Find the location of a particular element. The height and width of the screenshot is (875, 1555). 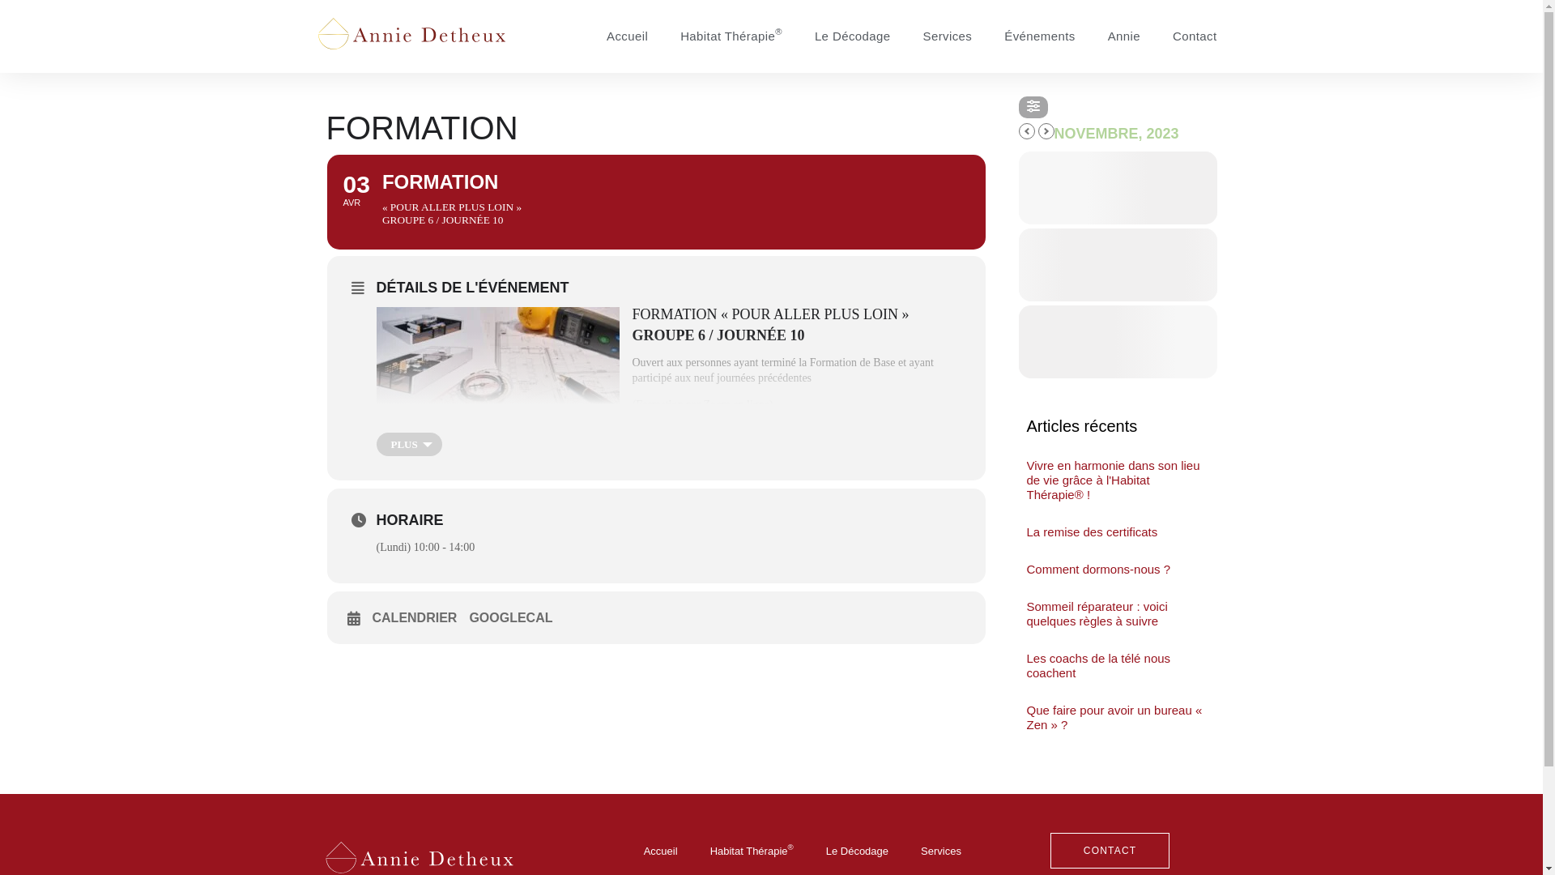

'Comment dormons-nous ?' is located at coordinates (1099, 568).